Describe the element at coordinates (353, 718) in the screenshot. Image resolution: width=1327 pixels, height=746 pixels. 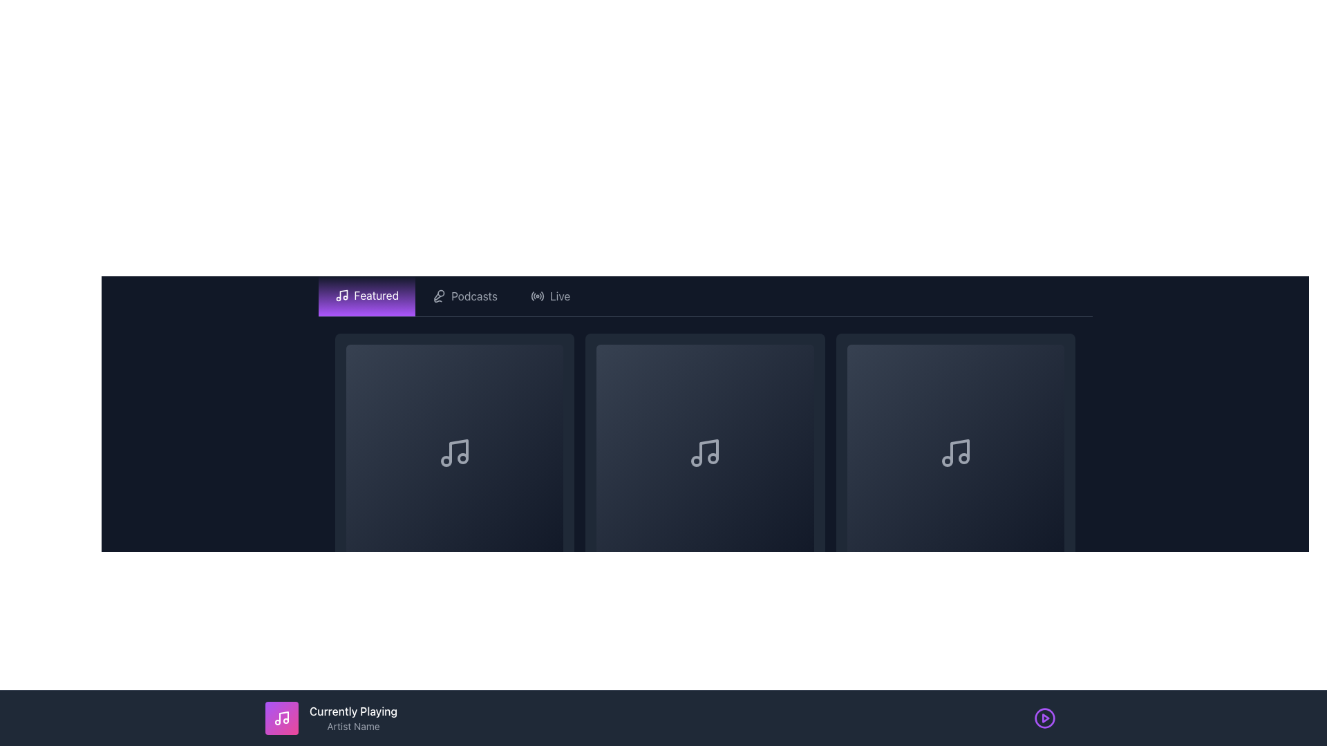
I see `text content of the informational UI element displaying 'Currently Playing' and 'Artist Name', located in the bottom bar of the interface, slightly above its lower edge` at that location.